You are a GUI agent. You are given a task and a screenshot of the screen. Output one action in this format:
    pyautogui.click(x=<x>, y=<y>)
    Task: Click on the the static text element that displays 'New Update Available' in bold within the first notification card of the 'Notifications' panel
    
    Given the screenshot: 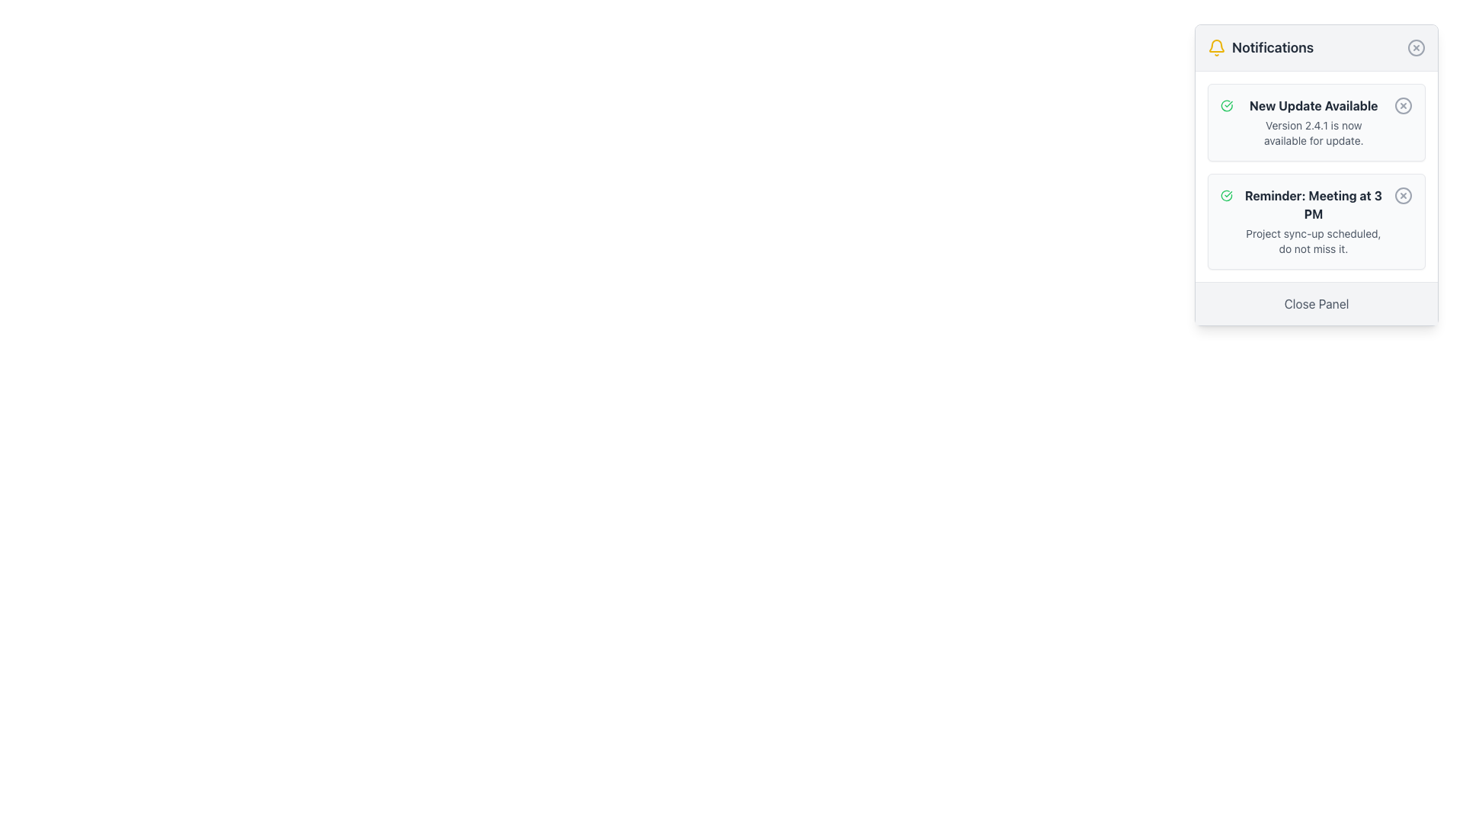 What is the action you would take?
    pyautogui.click(x=1313, y=104)
    